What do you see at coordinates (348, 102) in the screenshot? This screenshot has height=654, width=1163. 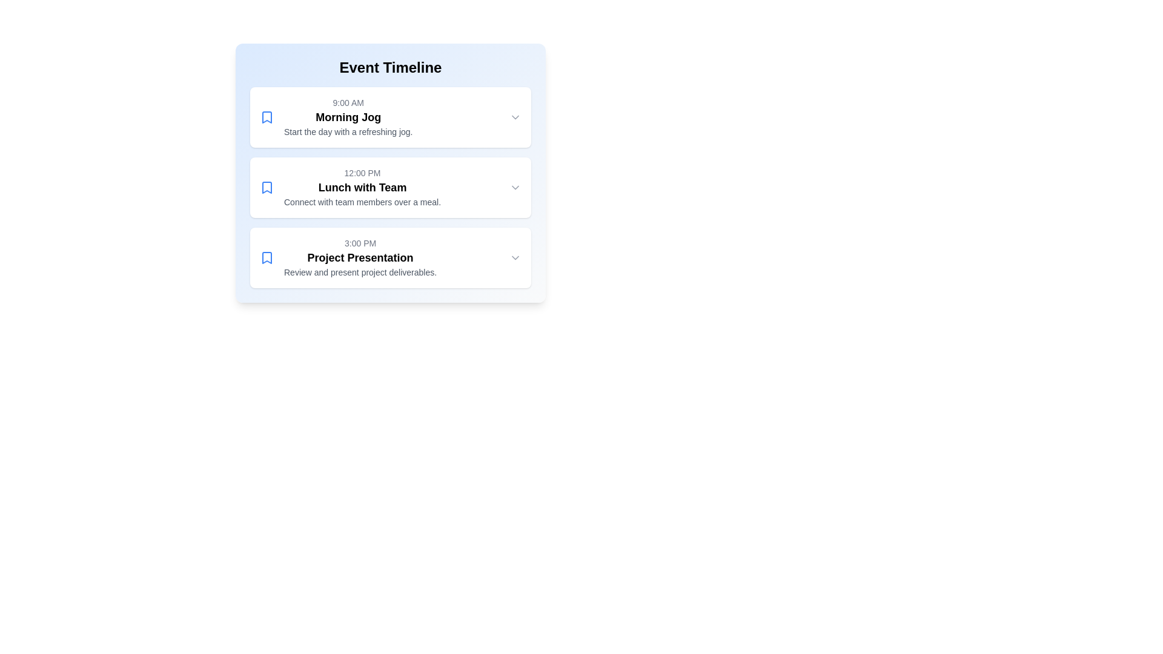 I see `the text label displaying '9:00 AM' at the top of the 'Morning Jog' section in the event timeline interface` at bounding box center [348, 102].